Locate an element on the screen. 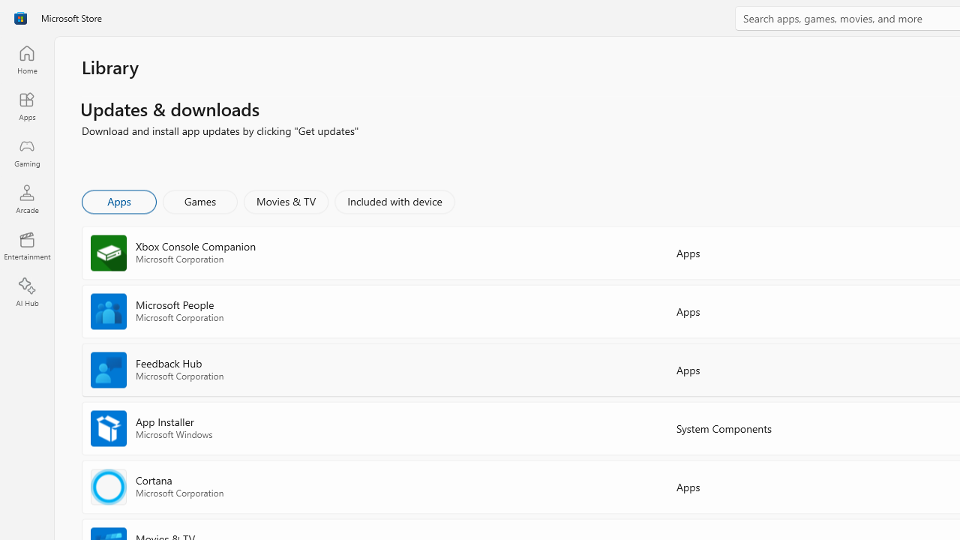  'AI Hub' is located at coordinates (26, 292).